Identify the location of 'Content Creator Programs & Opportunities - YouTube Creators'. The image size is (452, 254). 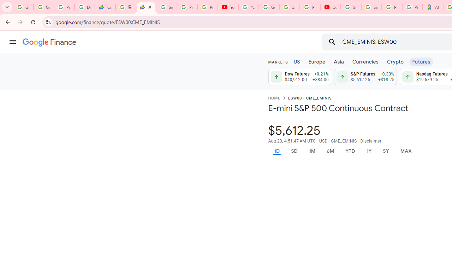
(330, 7).